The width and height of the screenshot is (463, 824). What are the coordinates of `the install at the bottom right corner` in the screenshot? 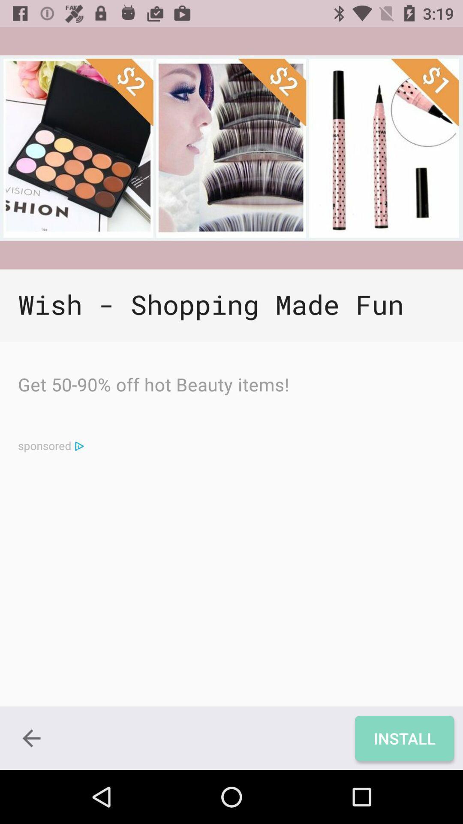 It's located at (404, 738).